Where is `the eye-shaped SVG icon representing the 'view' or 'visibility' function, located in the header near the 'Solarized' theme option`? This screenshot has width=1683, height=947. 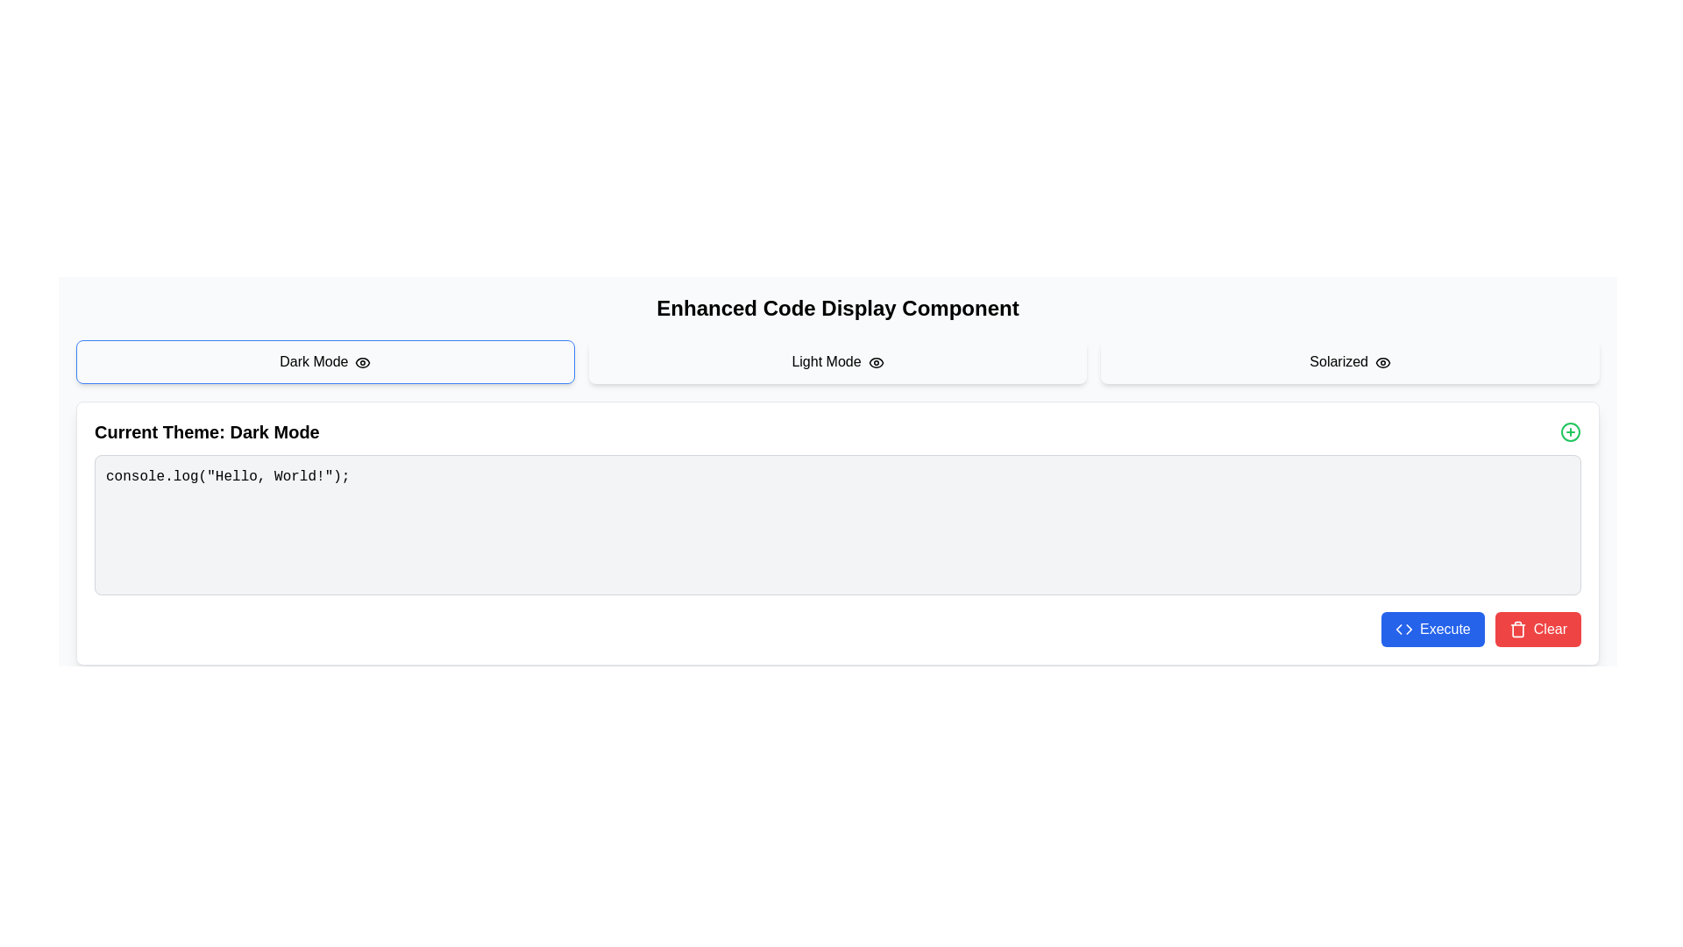
the eye-shaped SVG icon representing the 'view' or 'visibility' function, located in the header near the 'Solarized' theme option is located at coordinates (1382, 361).